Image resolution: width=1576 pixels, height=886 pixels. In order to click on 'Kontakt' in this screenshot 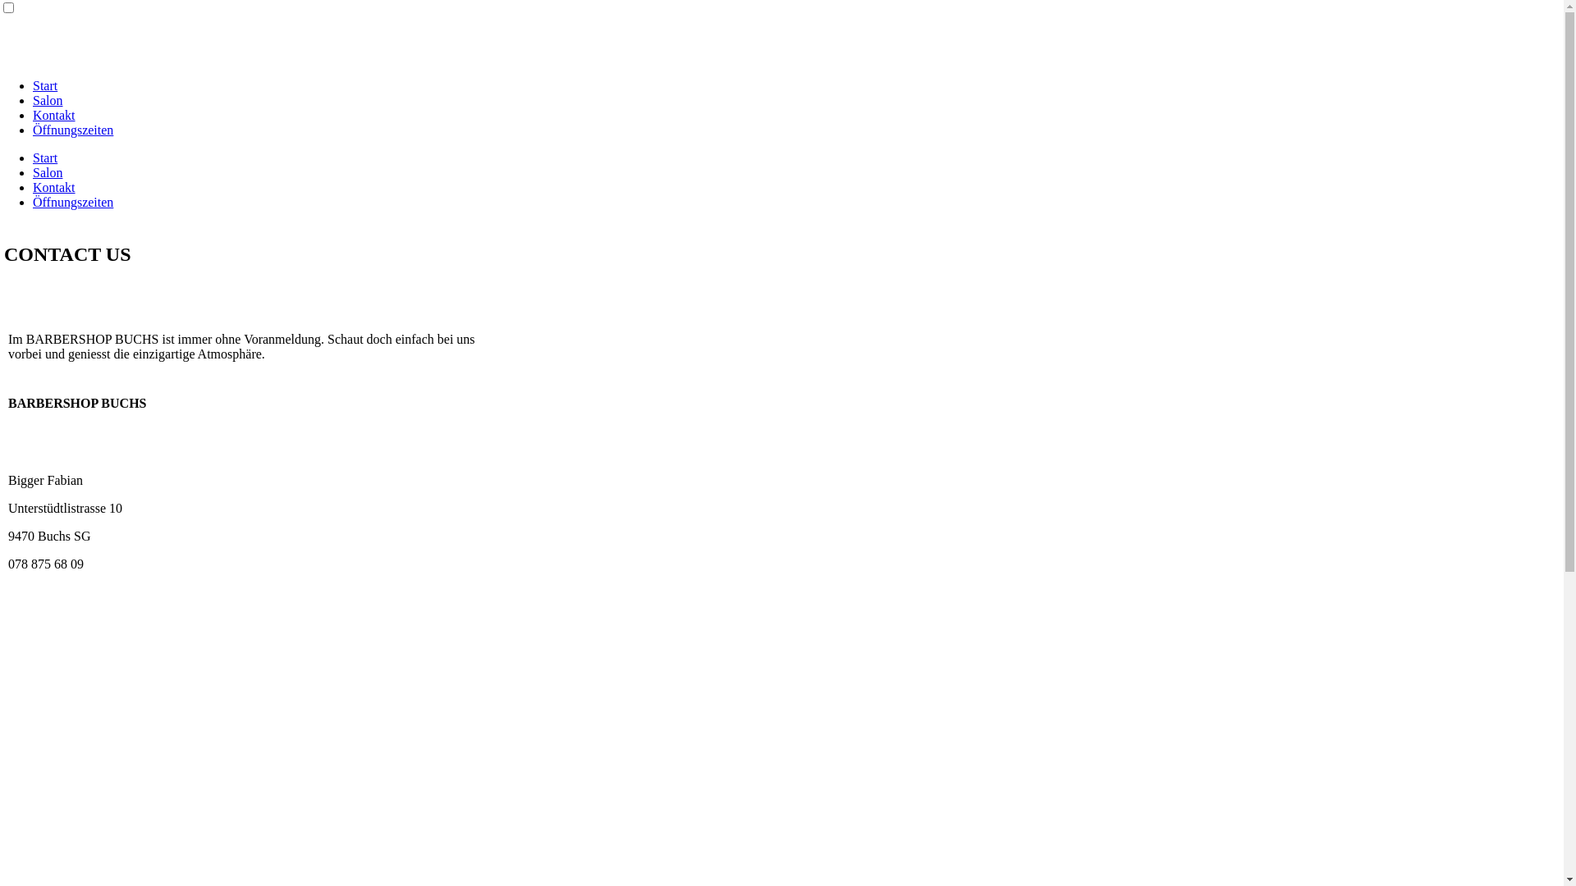, I will do `click(32, 114)`.